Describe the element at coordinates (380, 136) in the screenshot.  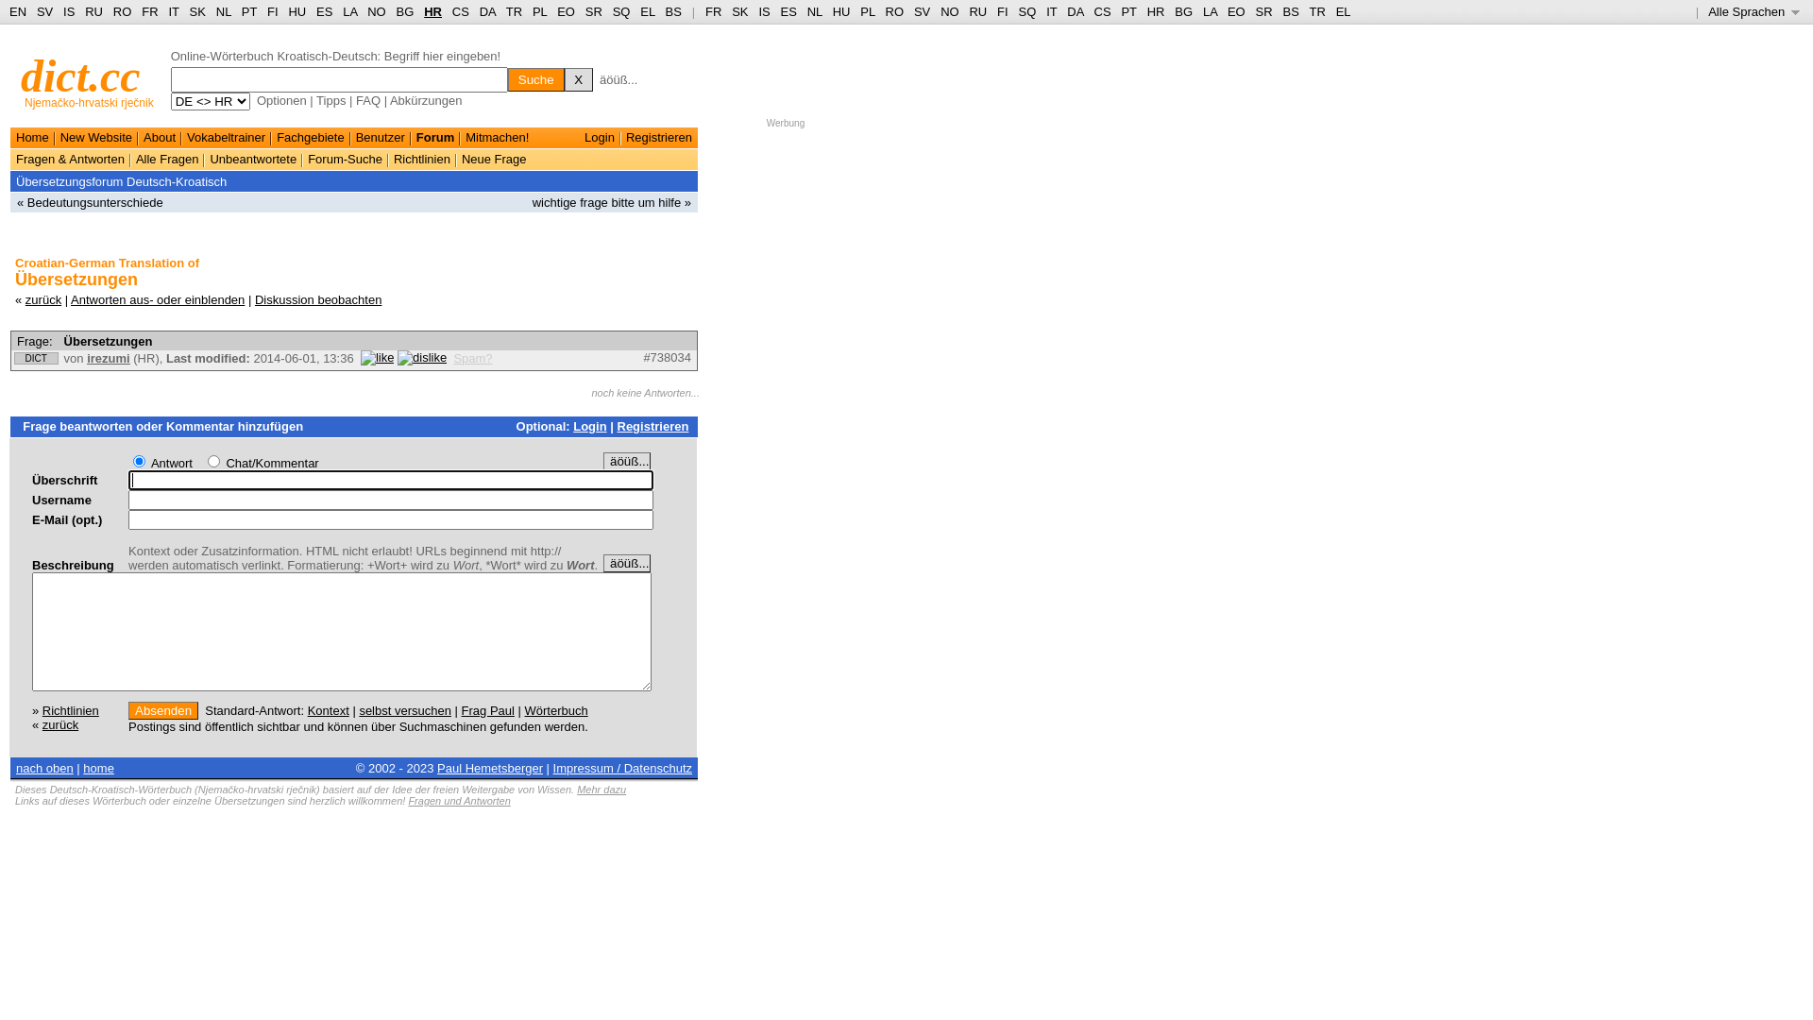
I see `'Benutzer'` at that location.